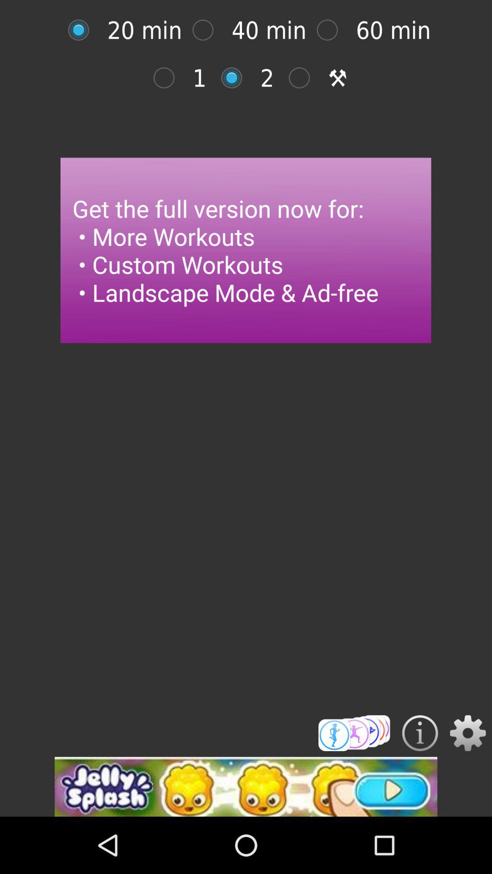  Describe the element at coordinates (468, 733) in the screenshot. I see `settings page` at that location.